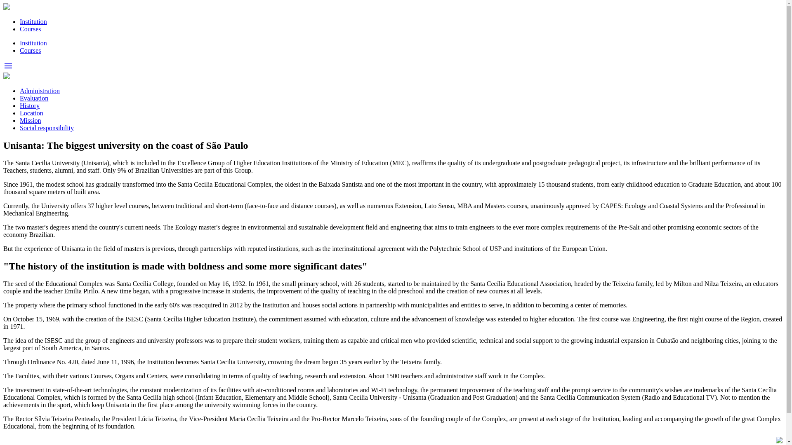 The width and height of the screenshot is (792, 445). What do you see at coordinates (31, 113) in the screenshot?
I see `'Location'` at bounding box center [31, 113].